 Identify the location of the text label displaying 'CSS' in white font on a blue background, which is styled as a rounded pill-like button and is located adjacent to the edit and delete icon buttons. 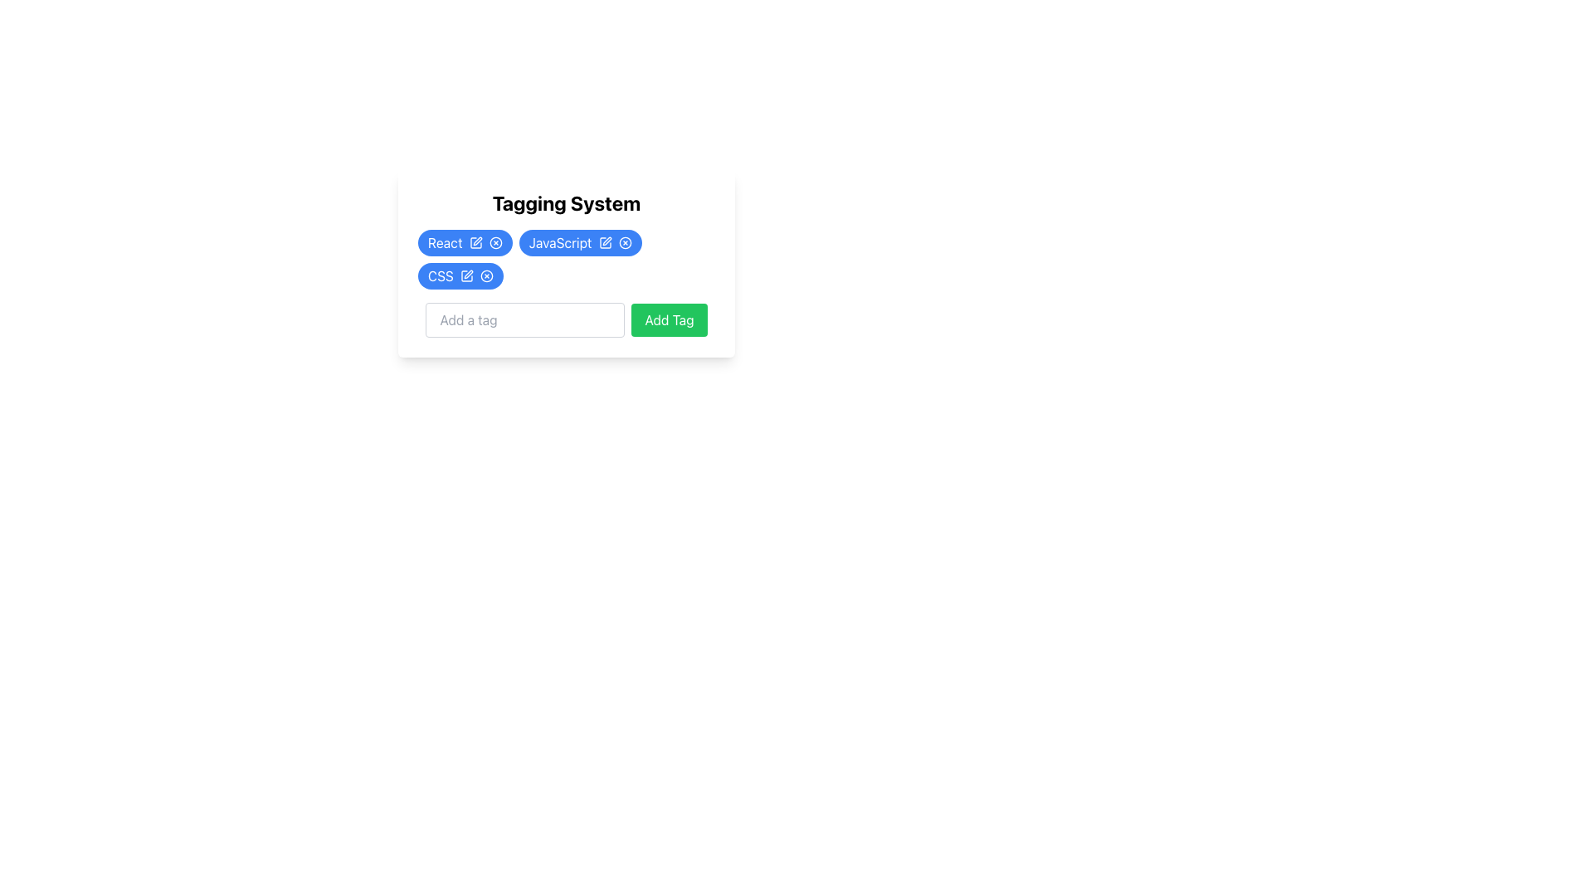
(441, 275).